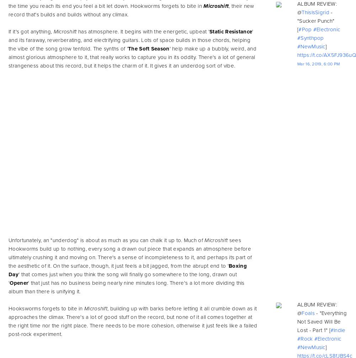  What do you see at coordinates (308, 313) in the screenshot?
I see `'Foals'` at bounding box center [308, 313].